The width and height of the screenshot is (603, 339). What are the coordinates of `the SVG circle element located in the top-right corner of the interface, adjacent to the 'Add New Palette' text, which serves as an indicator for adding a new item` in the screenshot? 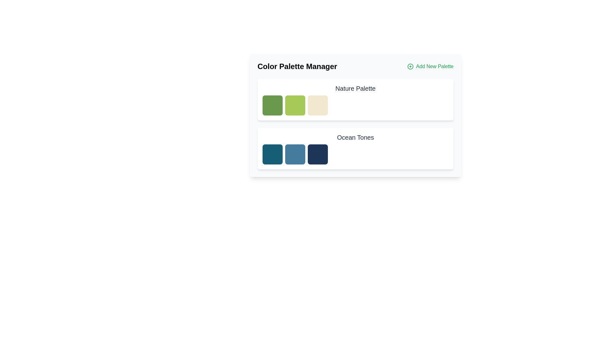 It's located at (410, 67).